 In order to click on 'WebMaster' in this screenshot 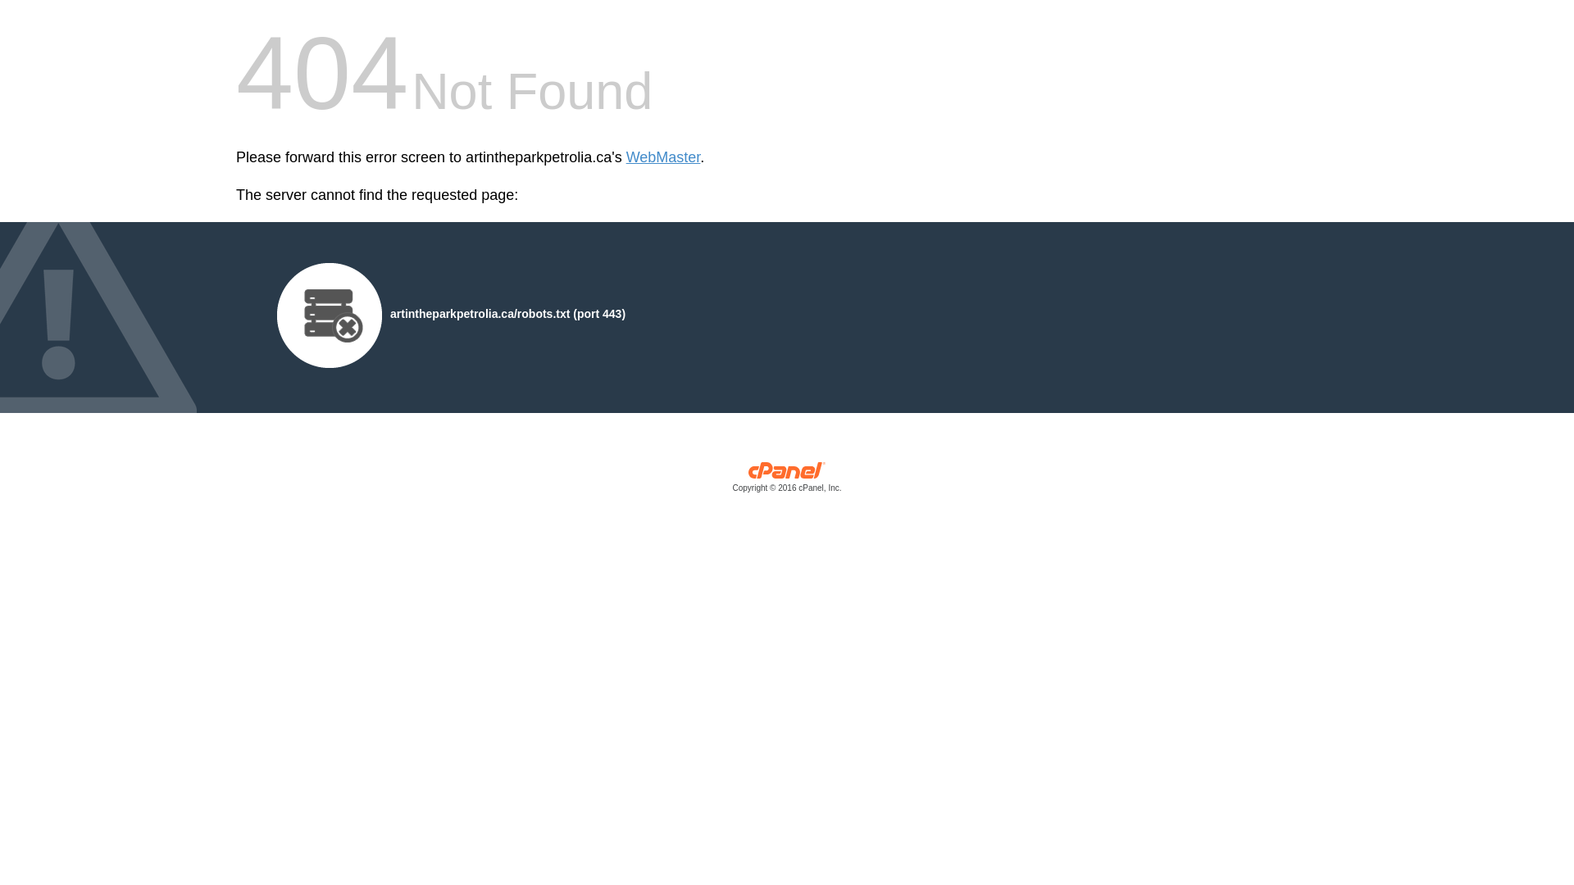, I will do `click(625, 157)`.